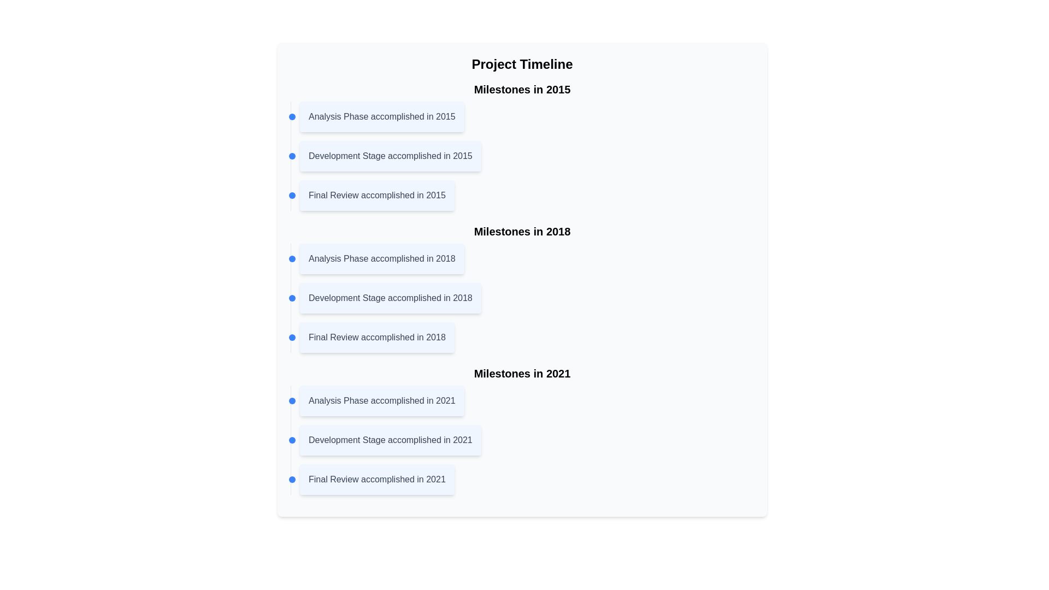  What do you see at coordinates (292, 440) in the screenshot?
I see `the small, blue circular visual marker located in the timeline interface adjacent to the text 'Development Stage accomplished in 2021'` at bounding box center [292, 440].